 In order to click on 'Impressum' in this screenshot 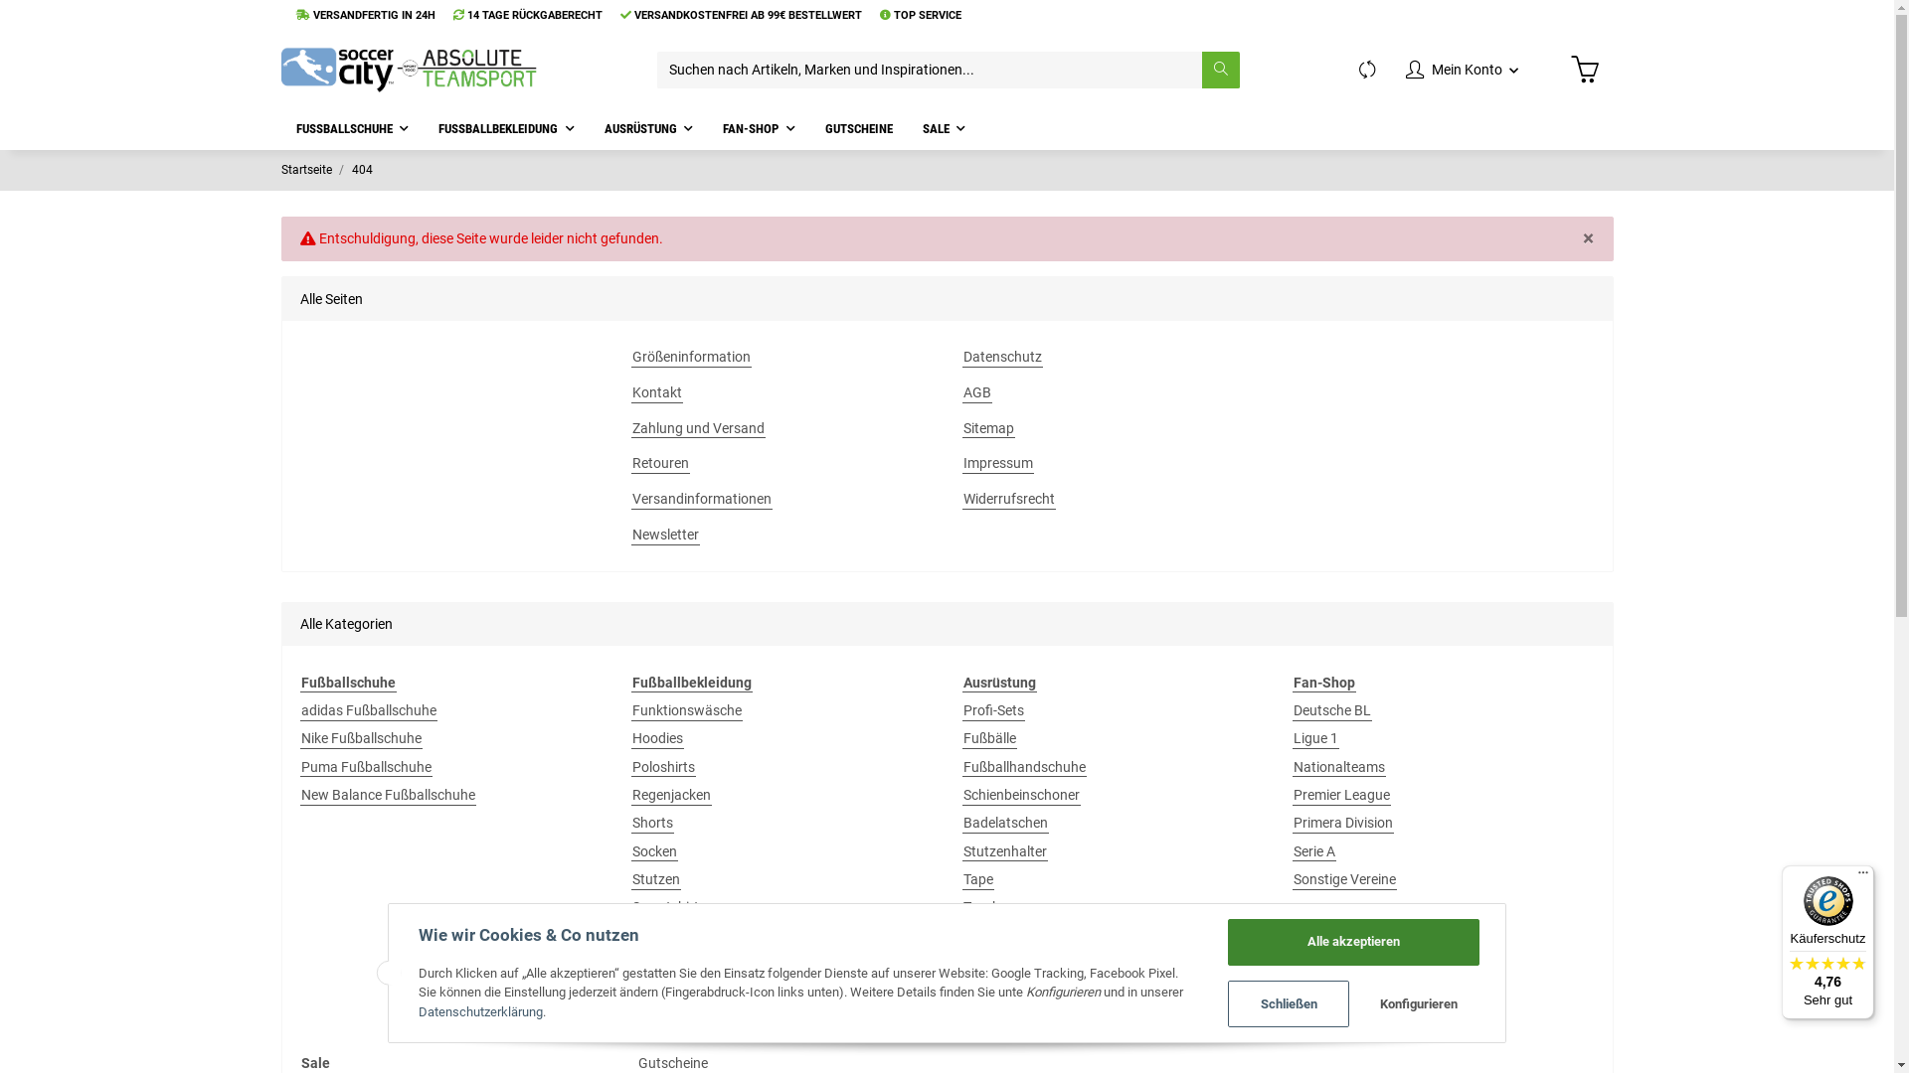, I will do `click(962, 463)`.